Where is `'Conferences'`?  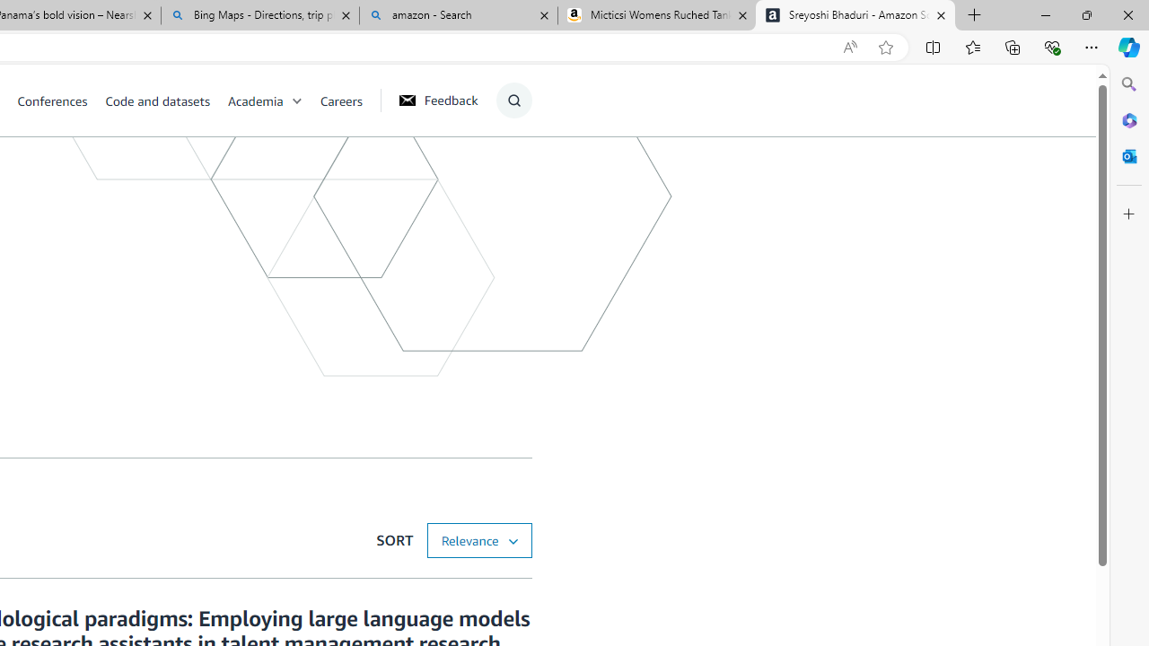
'Conferences' is located at coordinates (61, 100).